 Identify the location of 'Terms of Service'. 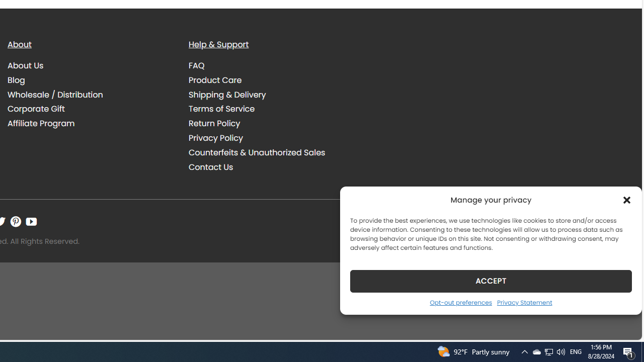
(272, 109).